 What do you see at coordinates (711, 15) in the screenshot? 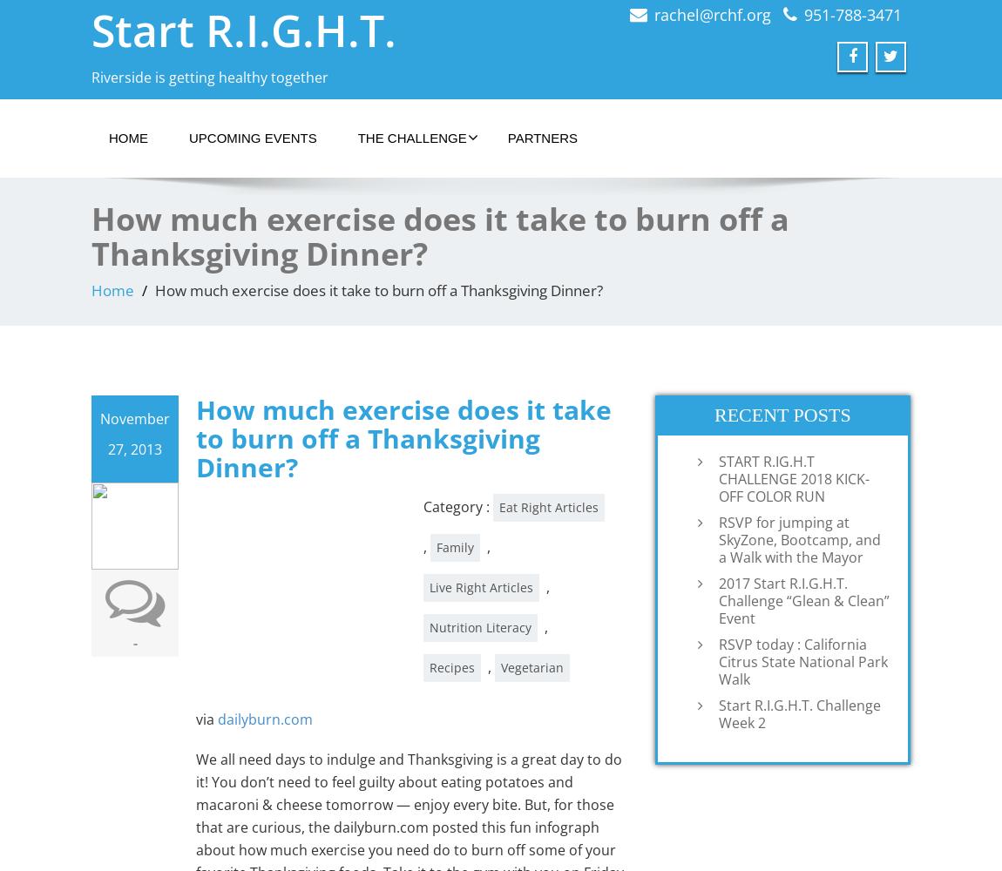
I see `'rachel@rchf.org'` at bounding box center [711, 15].